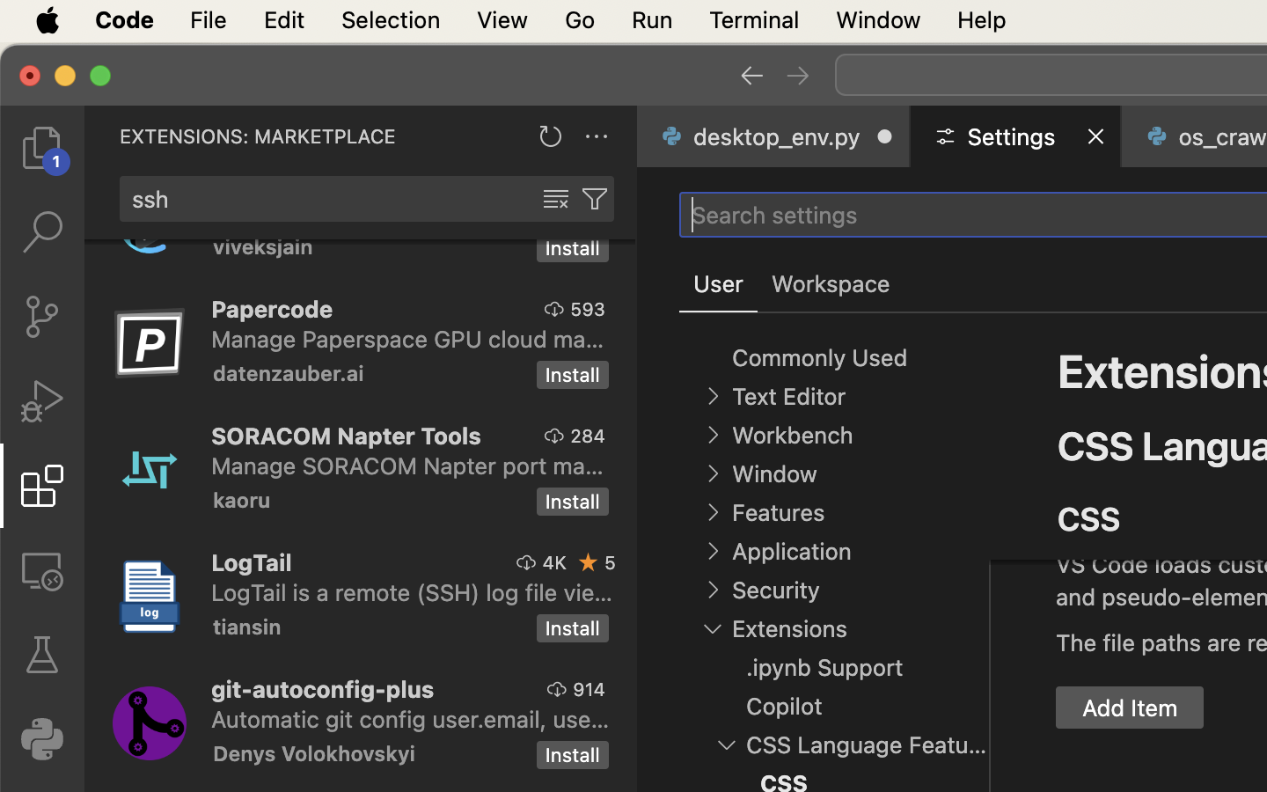 The width and height of the screenshot is (1267, 792). Describe the element at coordinates (250, 562) in the screenshot. I see `'LogTail'` at that location.